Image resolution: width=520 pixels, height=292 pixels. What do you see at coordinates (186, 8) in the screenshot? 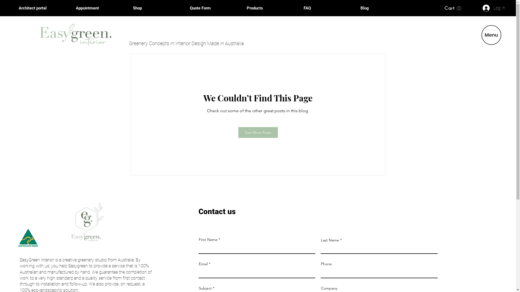
I see `'Quote Form'` at bounding box center [186, 8].